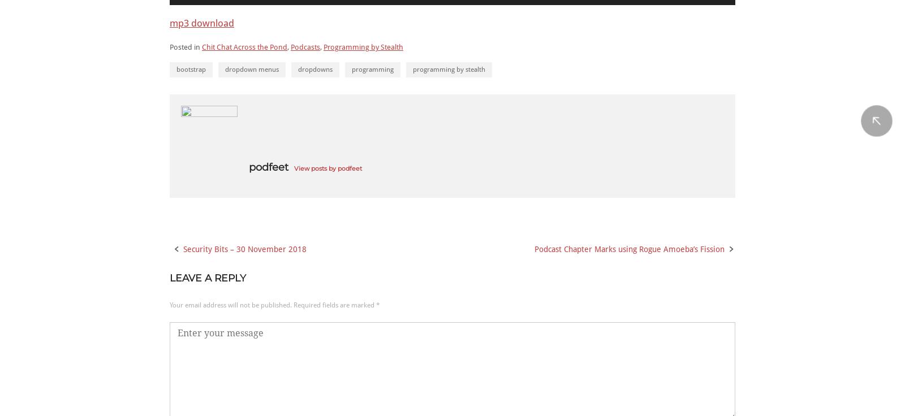 Image resolution: width=905 pixels, height=416 pixels. Describe the element at coordinates (449, 68) in the screenshot. I see `'programming by stealth'` at that location.